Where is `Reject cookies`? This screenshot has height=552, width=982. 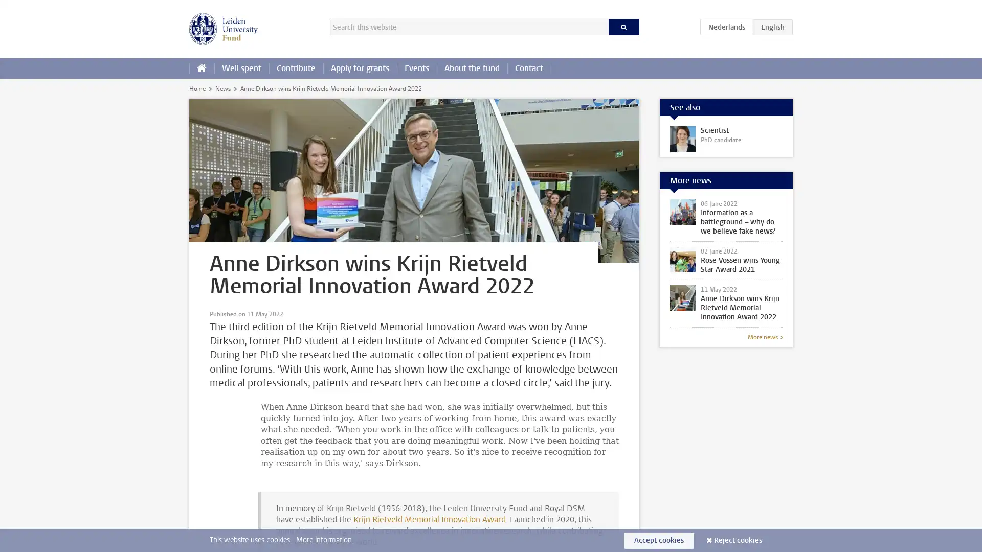
Reject cookies is located at coordinates (738, 540).